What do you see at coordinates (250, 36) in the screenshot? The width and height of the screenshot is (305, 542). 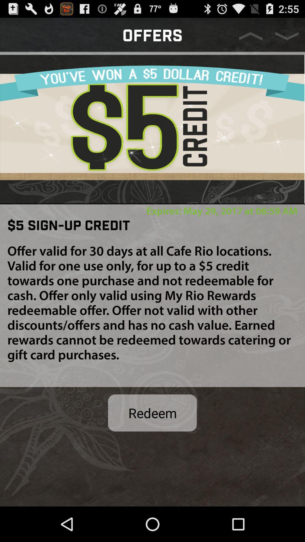 I see `previous` at bounding box center [250, 36].